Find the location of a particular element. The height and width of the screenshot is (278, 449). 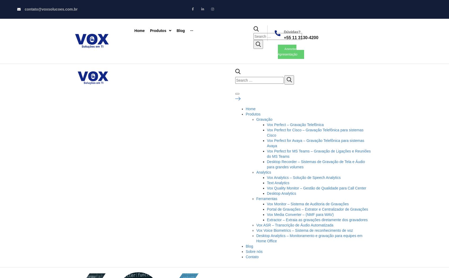

'Vox Media Converter' is located at coordinates (319, 77).